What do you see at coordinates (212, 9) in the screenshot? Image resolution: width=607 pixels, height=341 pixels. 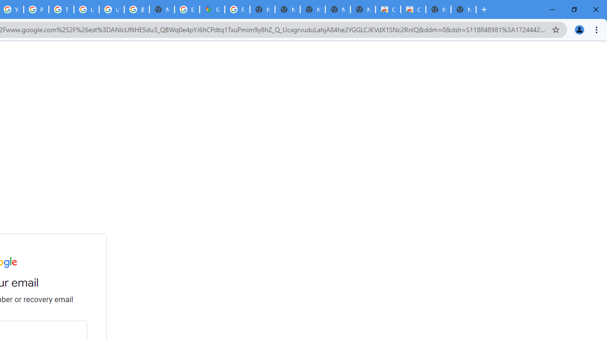 I see `'Google Maps'` at bounding box center [212, 9].